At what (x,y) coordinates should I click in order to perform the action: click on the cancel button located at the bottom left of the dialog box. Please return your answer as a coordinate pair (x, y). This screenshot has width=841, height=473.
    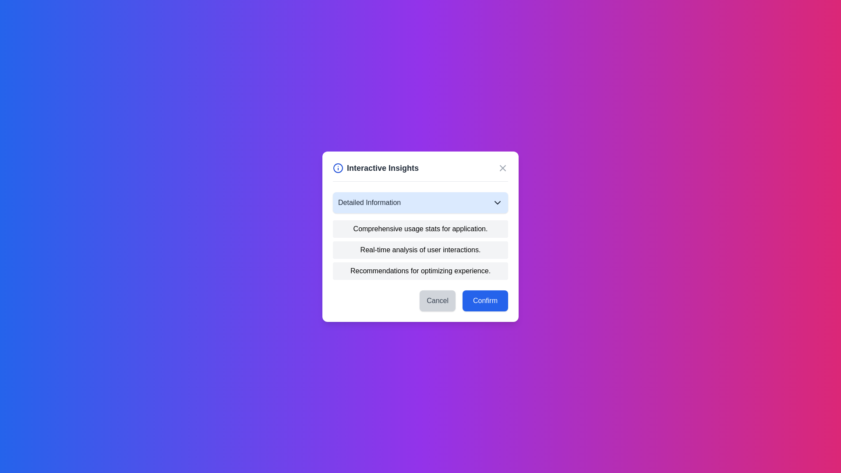
    Looking at the image, I should click on (438, 300).